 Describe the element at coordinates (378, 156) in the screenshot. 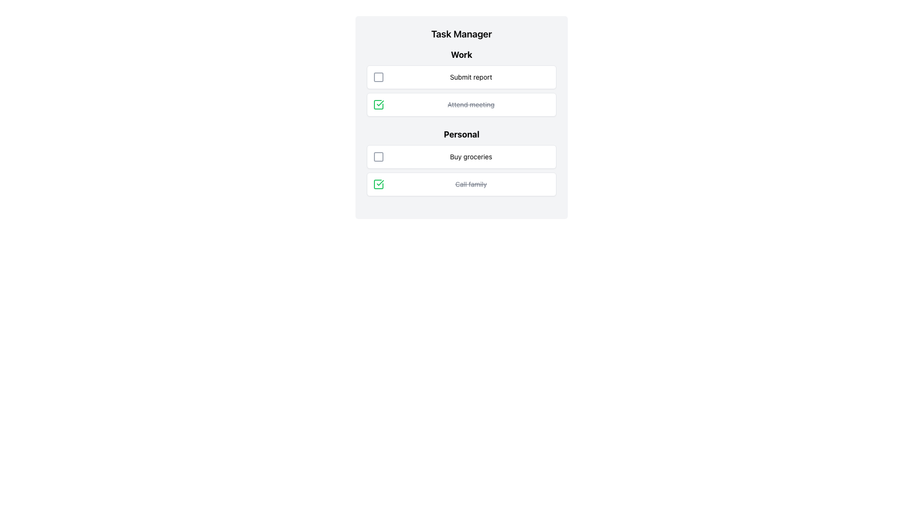

I see `the checkbox located in the 'Personal' section to the left of the 'Buy groceries' text, which is the first item in the list of tasks` at that location.